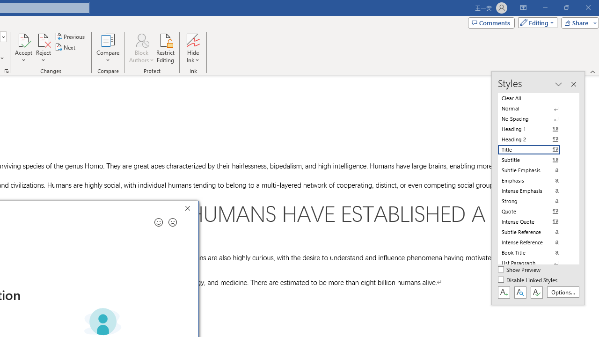 The image size is (599, 337). Describe the element at coordinates (165, 48) in the screenshot. I see `'Restrict Editing'` at that location.